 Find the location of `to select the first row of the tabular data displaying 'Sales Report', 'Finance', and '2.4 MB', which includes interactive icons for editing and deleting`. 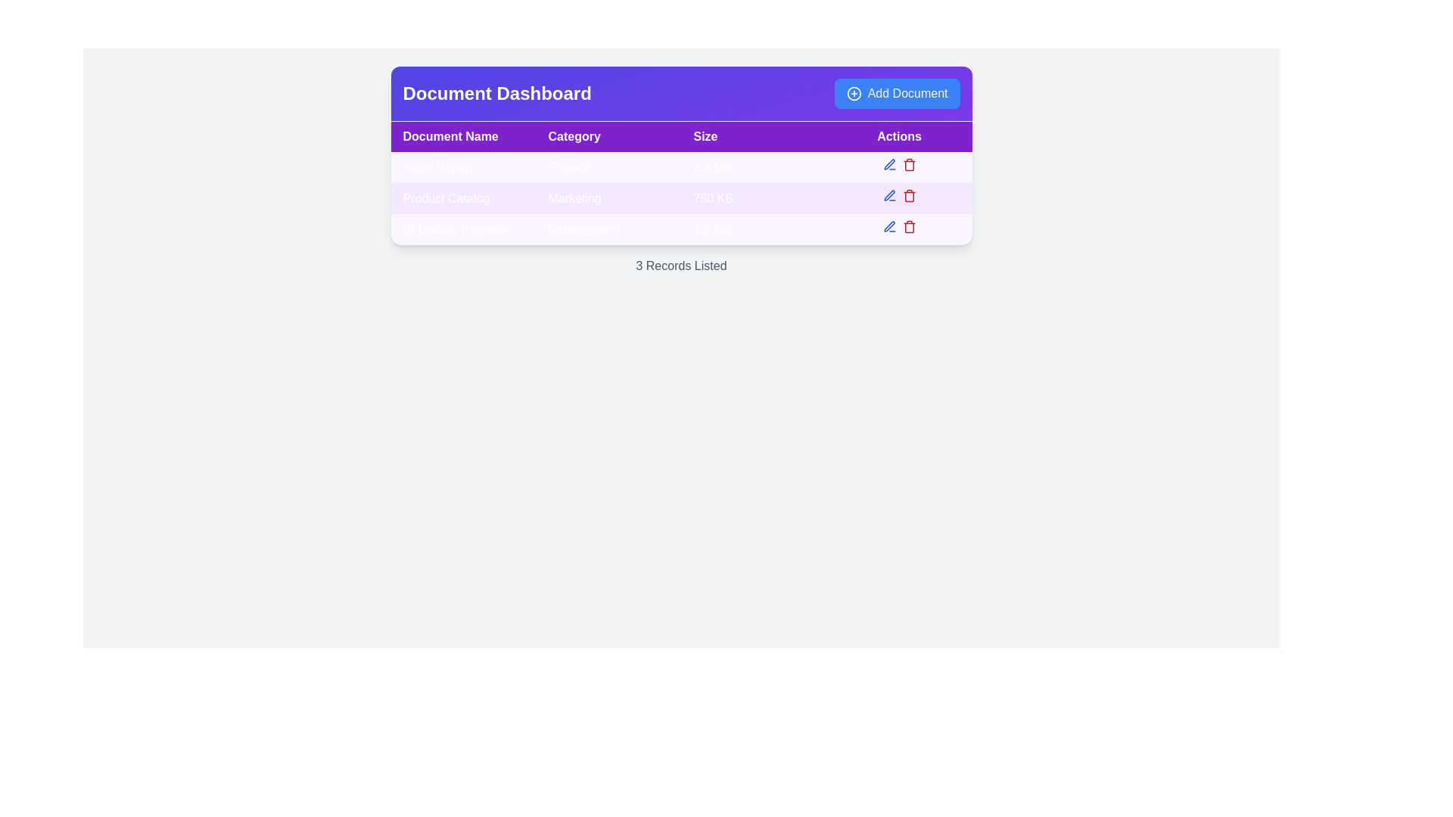

to select the first row of the tabular data displaying 'Sales Report', 'Finance', and '2.4 MB', which includes interactive icons for editing and deleting is located at coordinates (680, 167).